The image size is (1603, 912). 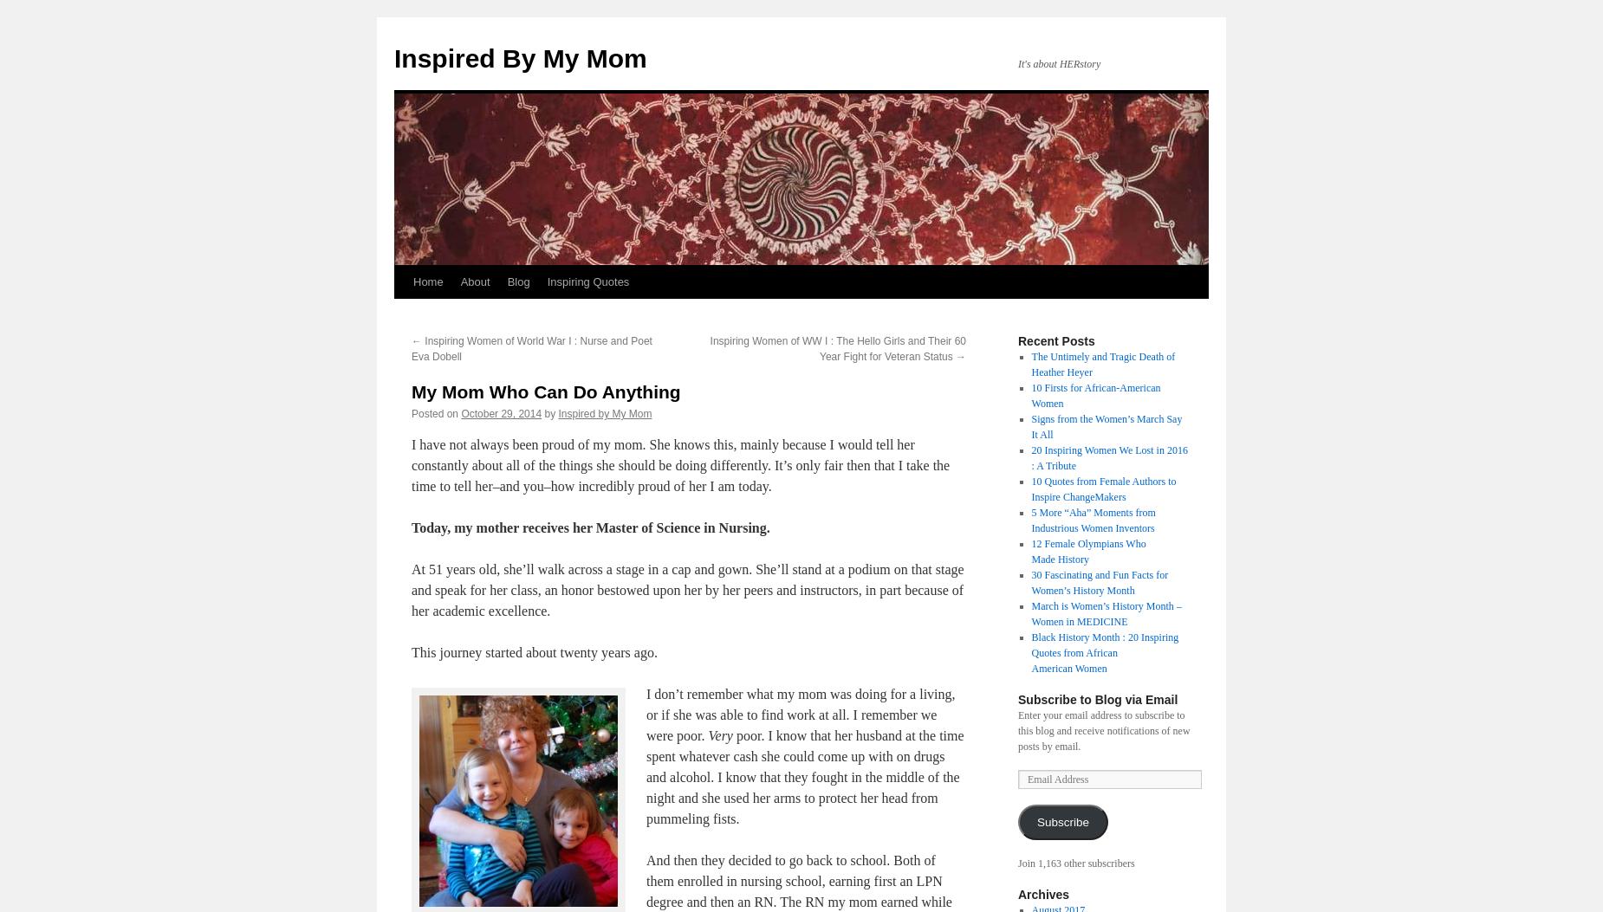 What do you see at coordinates (836, 348) in the screenshot?
I see `'Inspiring Women of WW I : The Hello Girls and Their 60 Year Fight for Veteran Status'` at bounding box center [836, 348].